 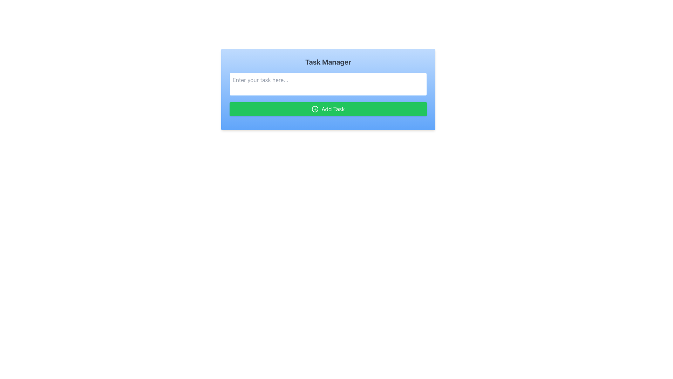 What do you see at coordinates (328, 89) in the screenshot?
I see `text within the text input area labeled 'Enter your task here...' located below the 'Task Manager' header` at bounding box center [328, 89].